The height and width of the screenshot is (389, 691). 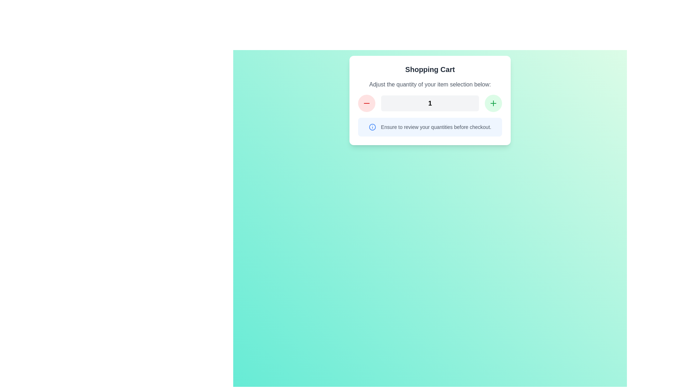 I want to click on the text label displaying 'Adjust the quantity of your item selection below:' which is styled in gray and positioned below the 'Shopping Cart' title, so click(x=430, y=84).